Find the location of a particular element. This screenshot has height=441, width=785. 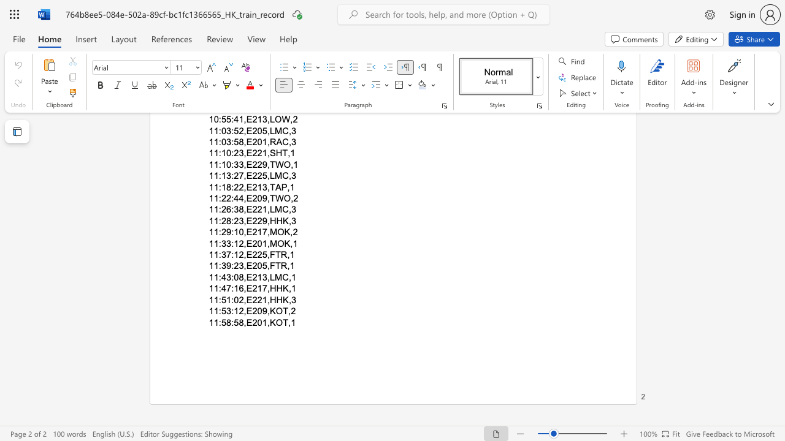

the subset text "HHK" within the text "11:47:16,E217,HHK,1" is located at coordinates (269, 288).